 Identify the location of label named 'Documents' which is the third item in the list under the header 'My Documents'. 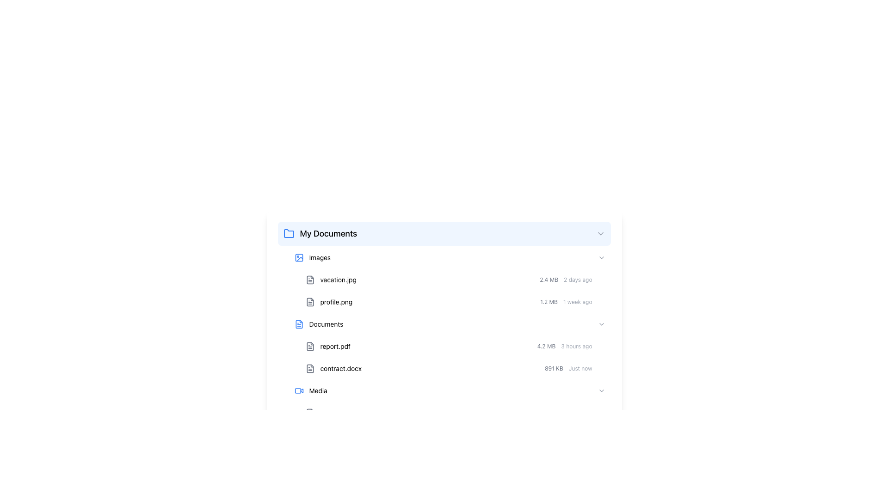
(326, 324).